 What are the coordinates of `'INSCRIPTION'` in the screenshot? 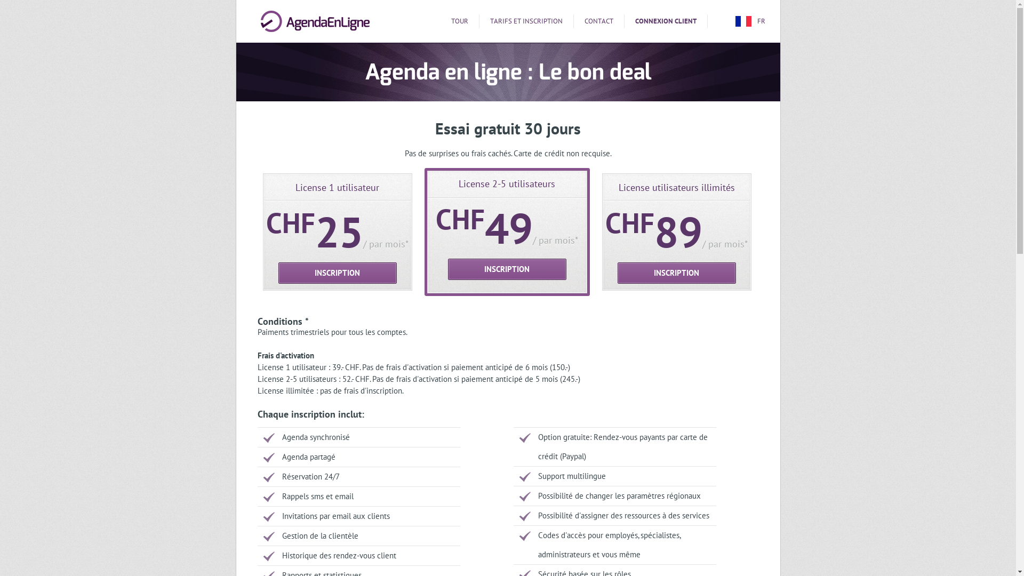 It's located at (278, 273).